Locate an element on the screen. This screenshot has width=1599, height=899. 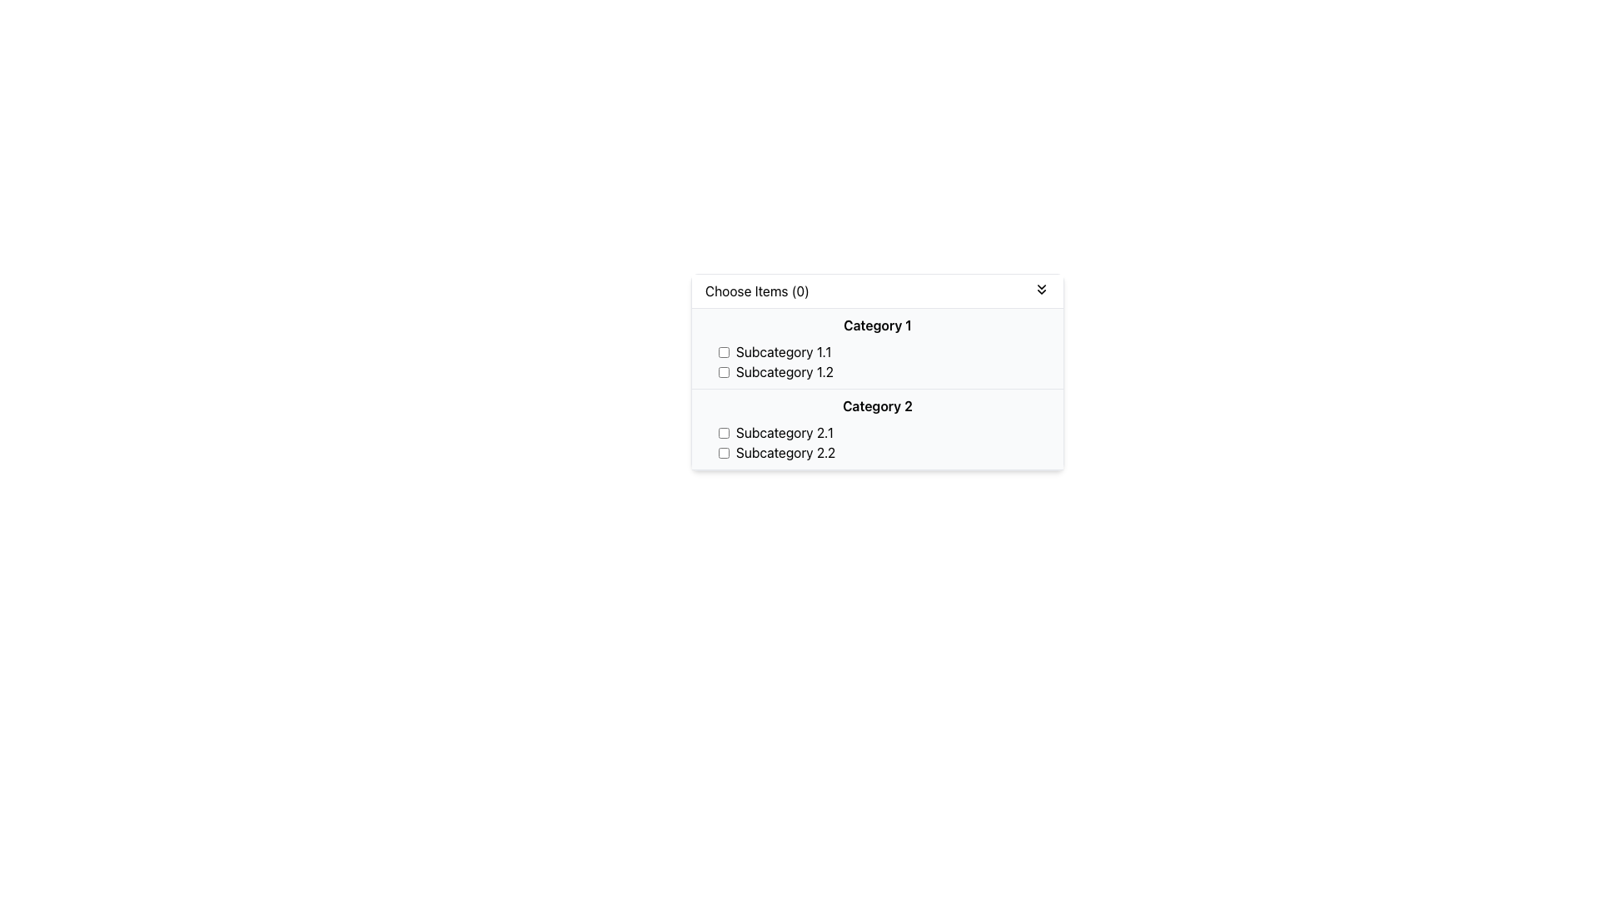
the double-chevron icon pointing downwards located on the right side of the 'Choose Items (0)' bar is located at coordinates (1041, 288).